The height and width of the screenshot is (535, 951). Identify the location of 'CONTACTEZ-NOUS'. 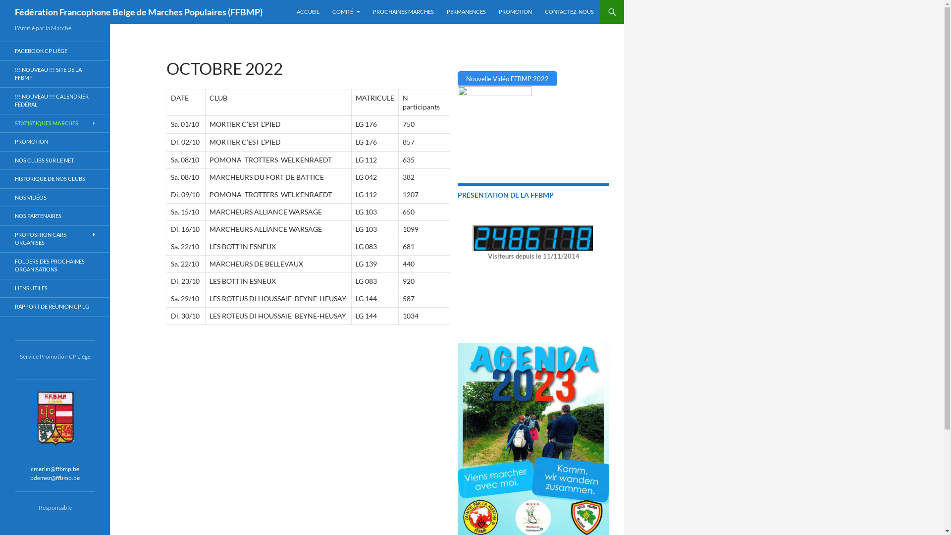
(569, 11).